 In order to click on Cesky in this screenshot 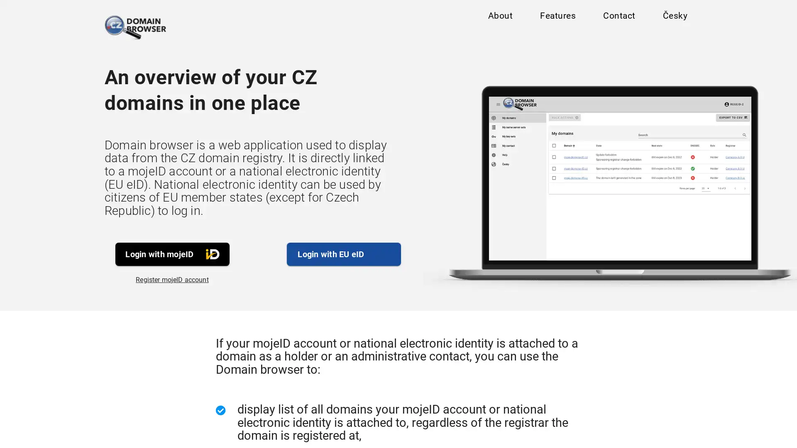, I will do `click(675, 17)`.